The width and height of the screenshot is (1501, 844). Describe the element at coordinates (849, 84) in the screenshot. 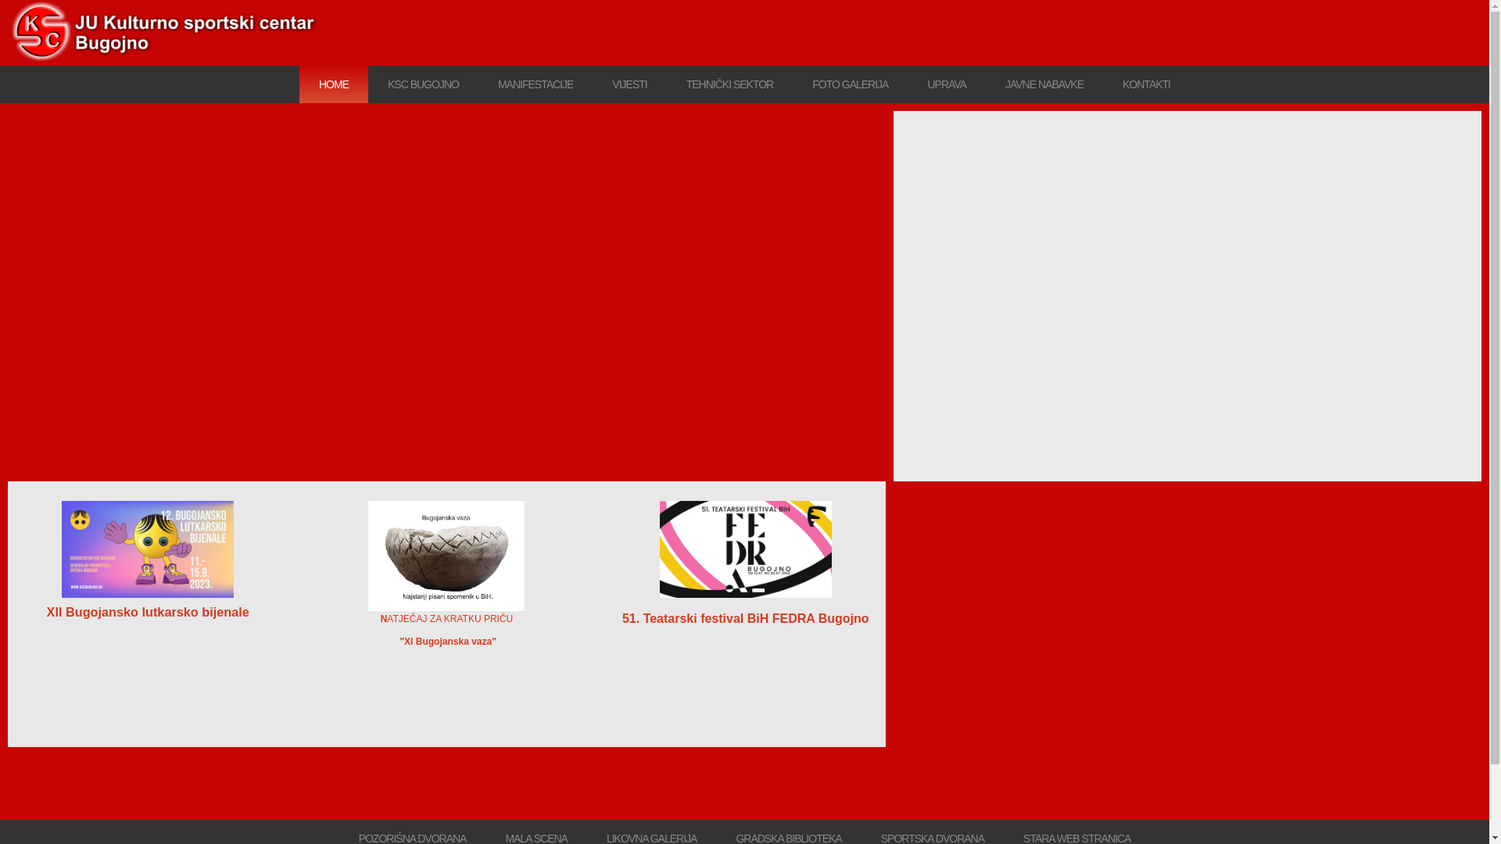

I see `'FOTO GALERIJA'` at that location.